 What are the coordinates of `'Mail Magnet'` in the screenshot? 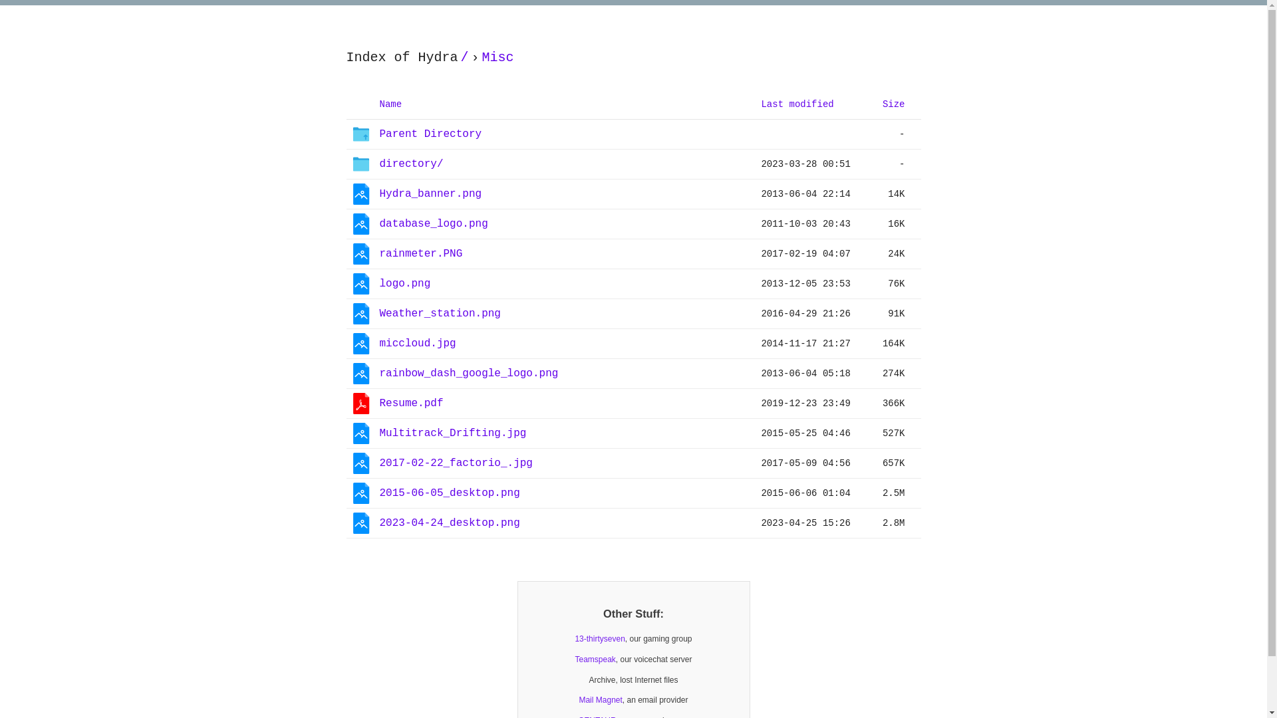 It's located at (599, 699).